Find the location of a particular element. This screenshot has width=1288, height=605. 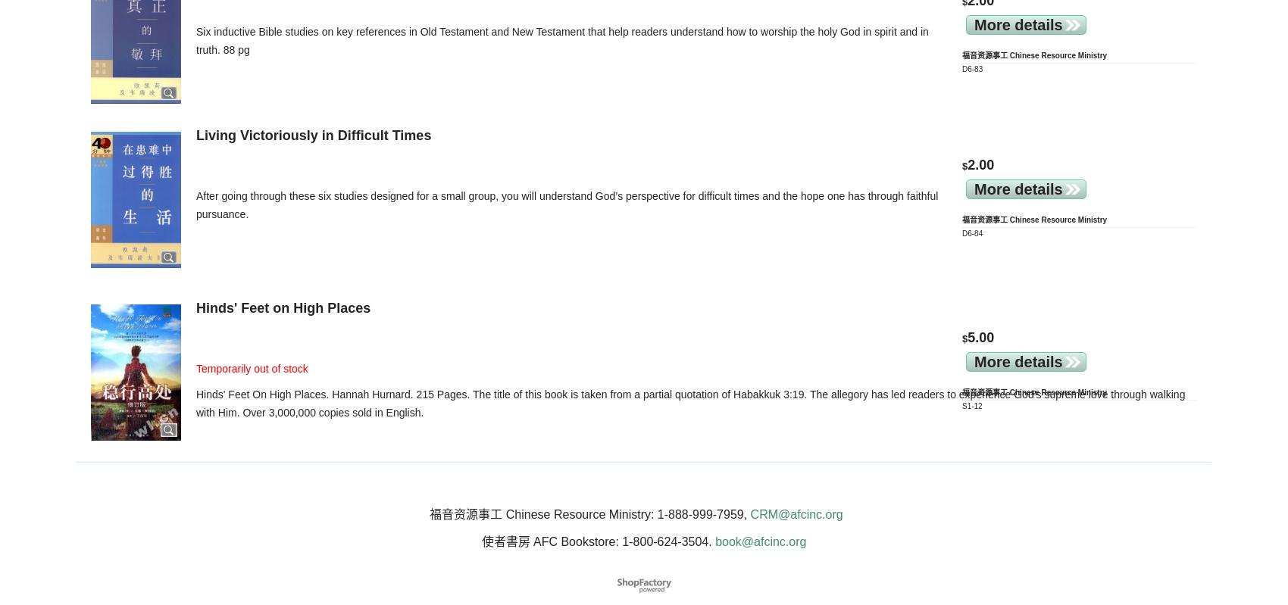

'Temporarily out of stock' is located at coordinates (251, 367).